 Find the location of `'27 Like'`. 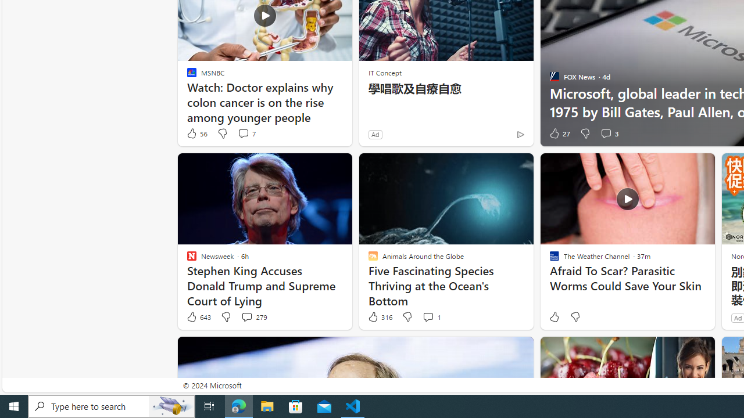

'27 Like' is located at coordinates (559, 133).